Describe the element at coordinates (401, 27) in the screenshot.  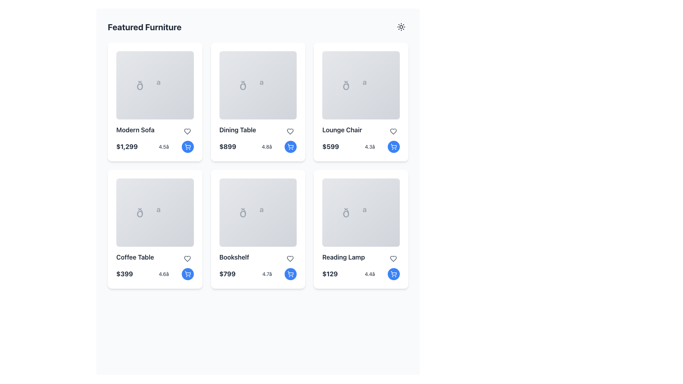
I see `the button that toggles between light and dark modes, located to the farthest right of the text 'Featured Furniture' in the header` at that location.